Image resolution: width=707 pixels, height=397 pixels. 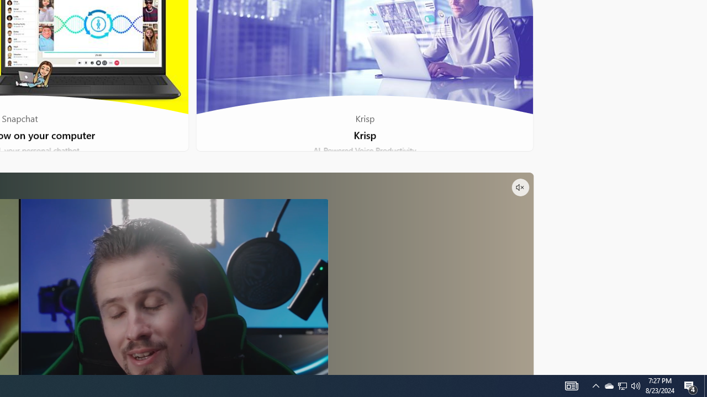 I want to click on 'Unmute', so click(x=519, y=186).